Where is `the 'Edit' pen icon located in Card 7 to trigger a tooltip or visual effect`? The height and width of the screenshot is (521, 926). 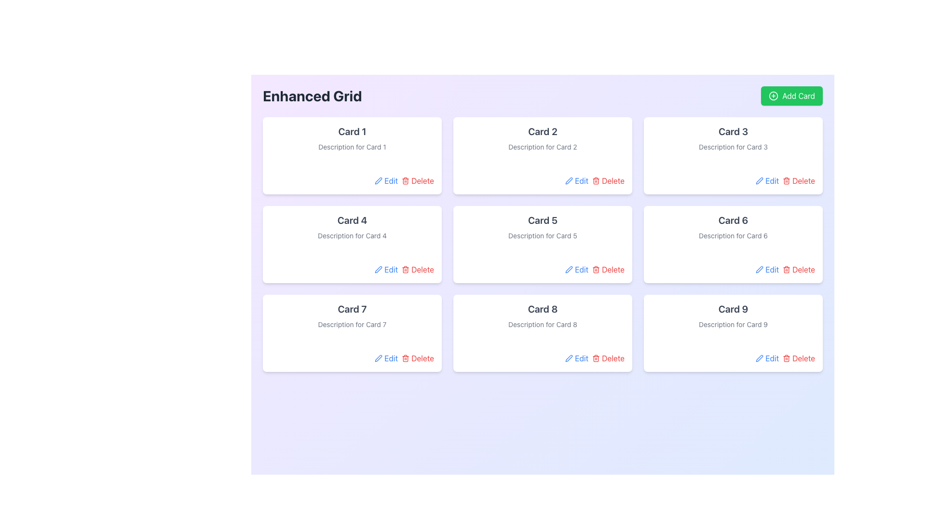
the 'Edit' pen icon located in Card 7 to trigger a tooltip or visual effect is located at coordinates (378, 358).